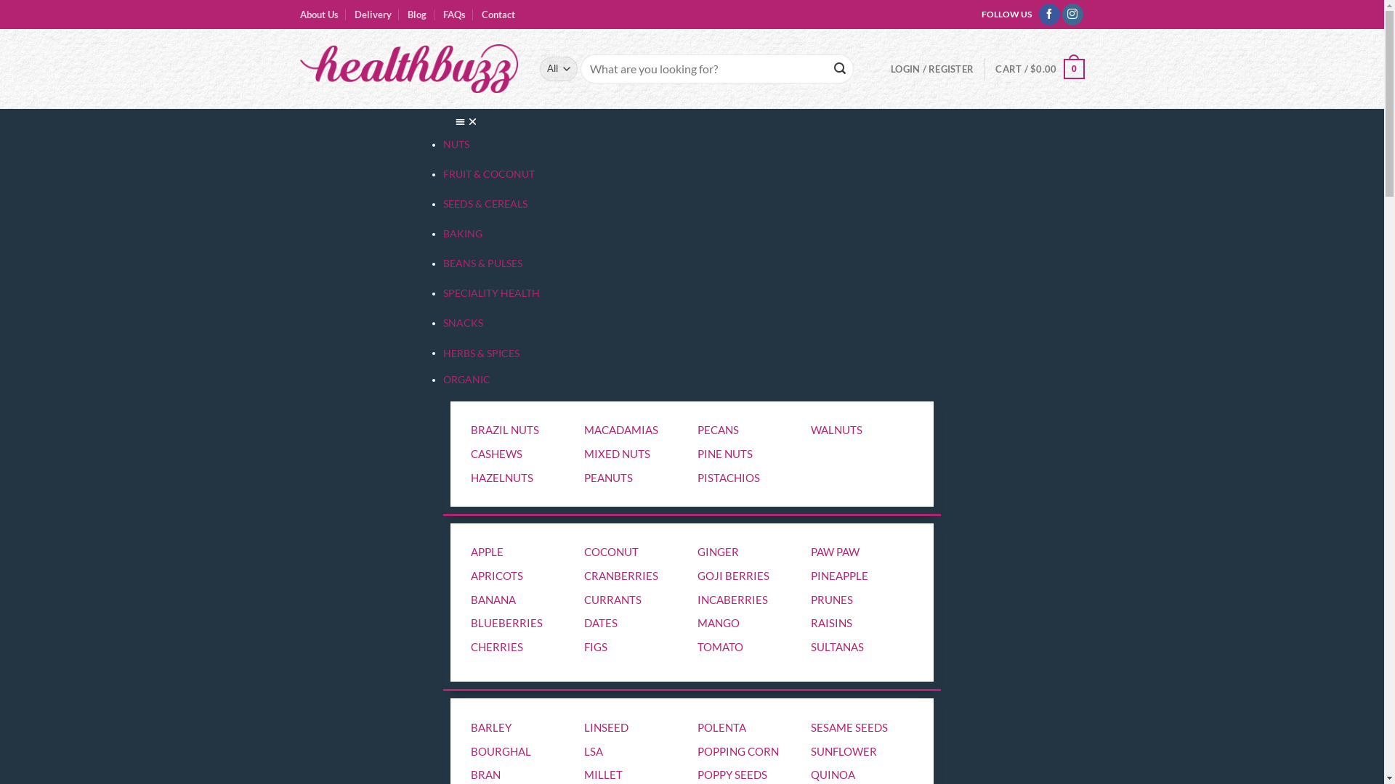 Image resolution: width=1395 pixels, height=784 pixels. Describe the element at coordinates (492, 293) in the screenshot. I see `'SPECIALITY HEALTH'` at that location.